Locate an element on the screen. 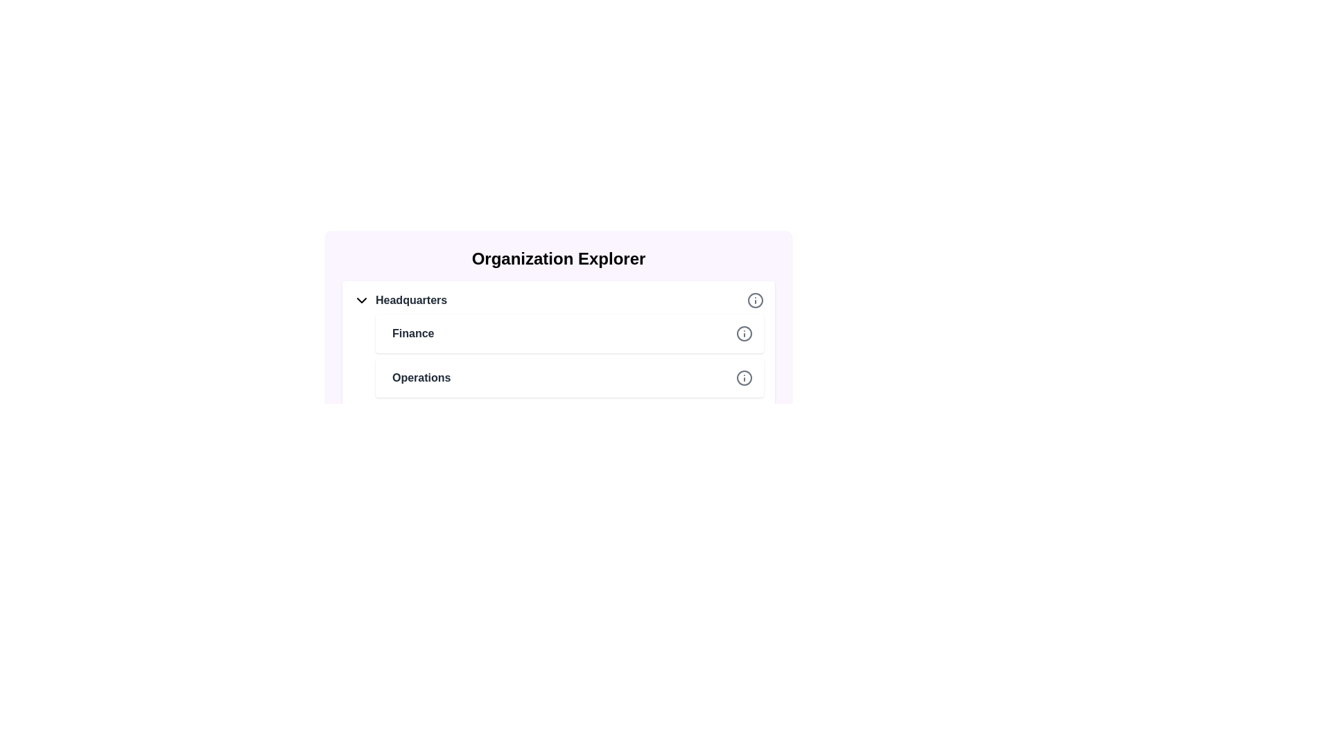 The image size is (1331, 748). the 'Operations' text label located below the 'Finance' item in the vertical list under the 'Headquarters' header is located at coordinates (421, 378).